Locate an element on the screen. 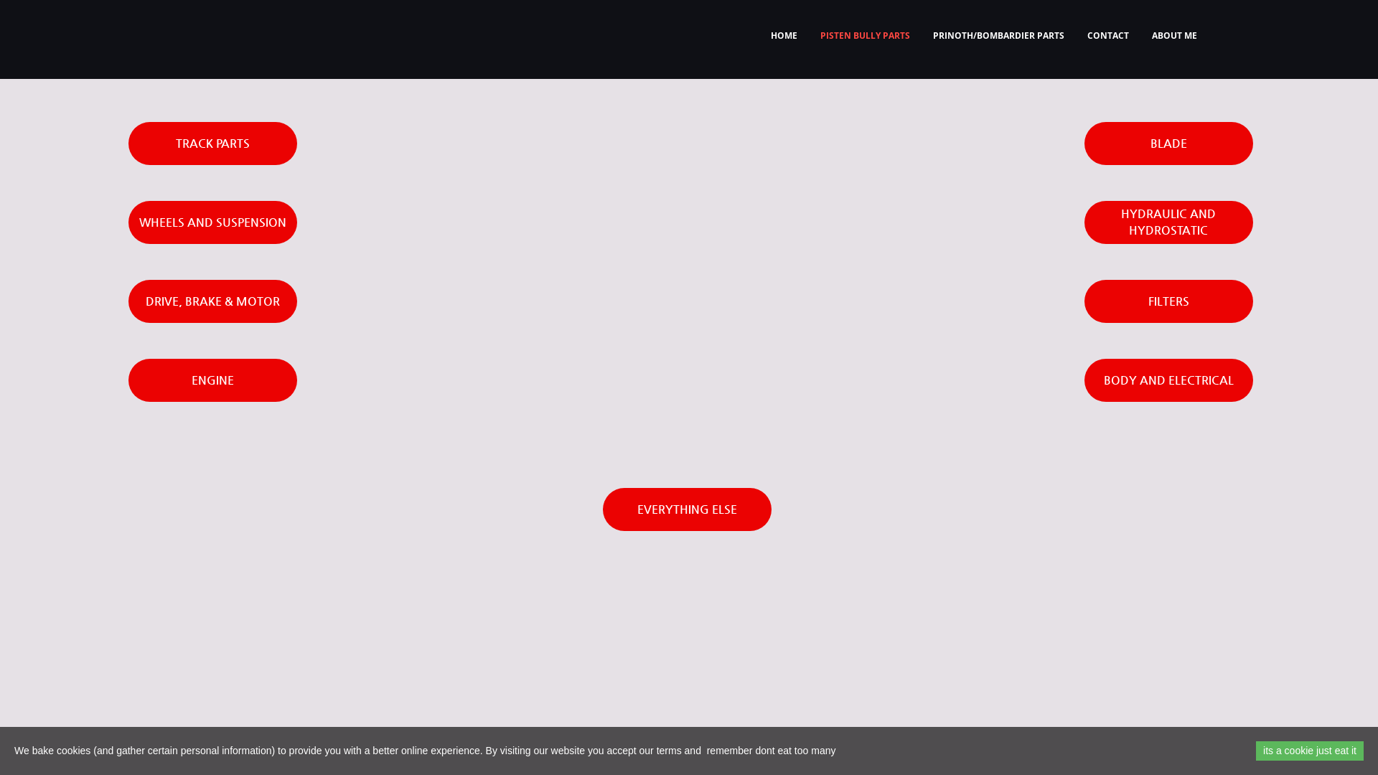 The height and width of the screenshot is (775, 1378). 'HOME' is located at coordinates (783, 35).